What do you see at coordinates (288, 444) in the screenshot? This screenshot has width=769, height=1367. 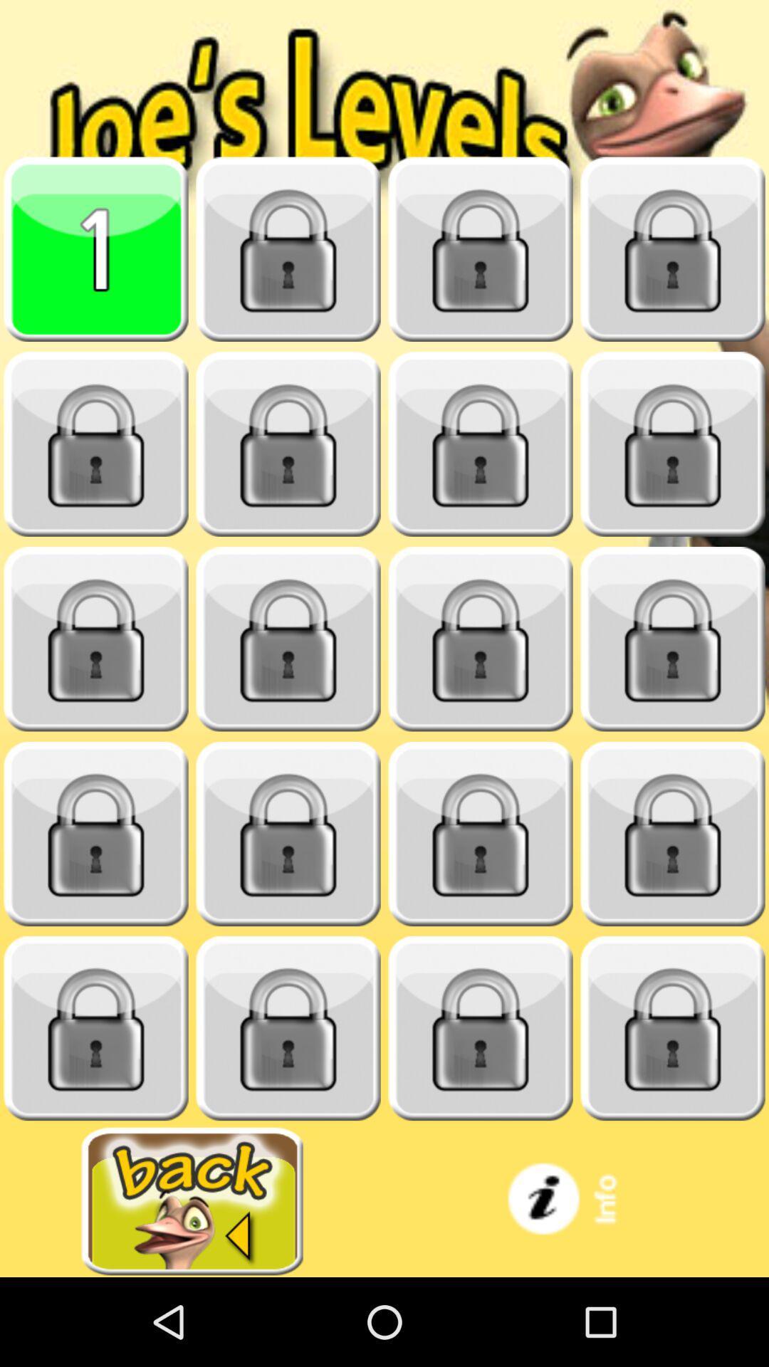 I see `level which is locked` at bounding box center [288, 444].